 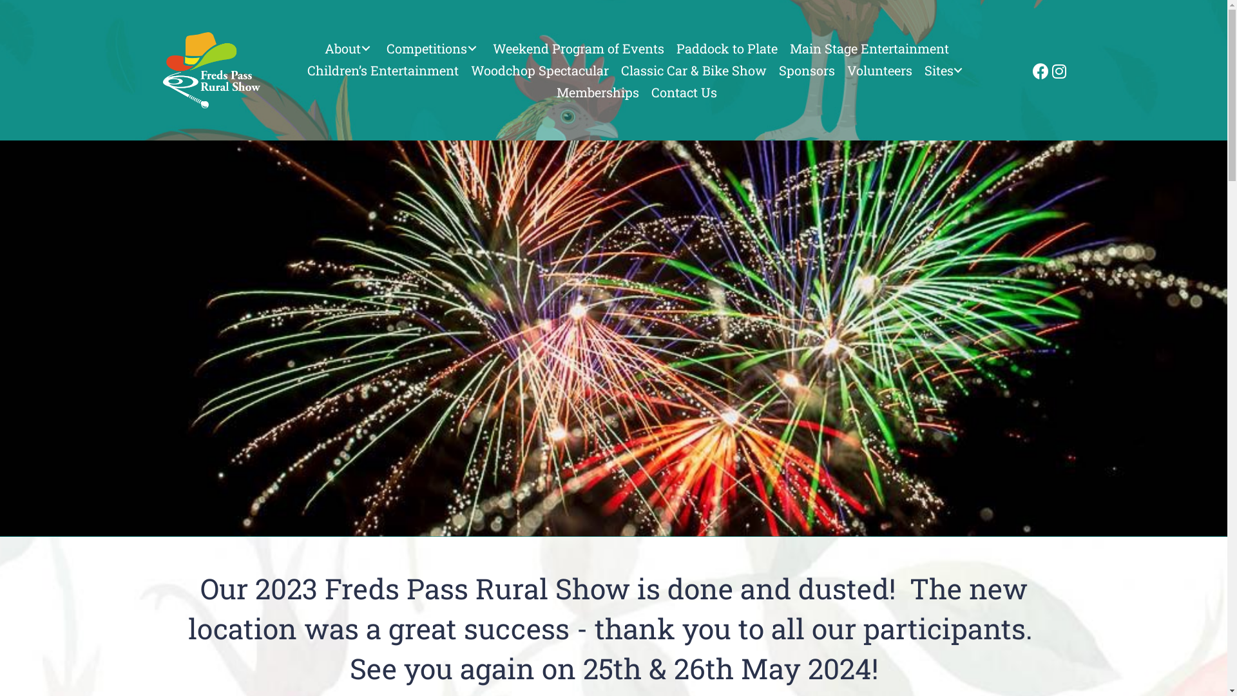 What do you see at coordinates (946, 70) in the screenshot?
I see `'Sites'` at bounding box center [946, 70].